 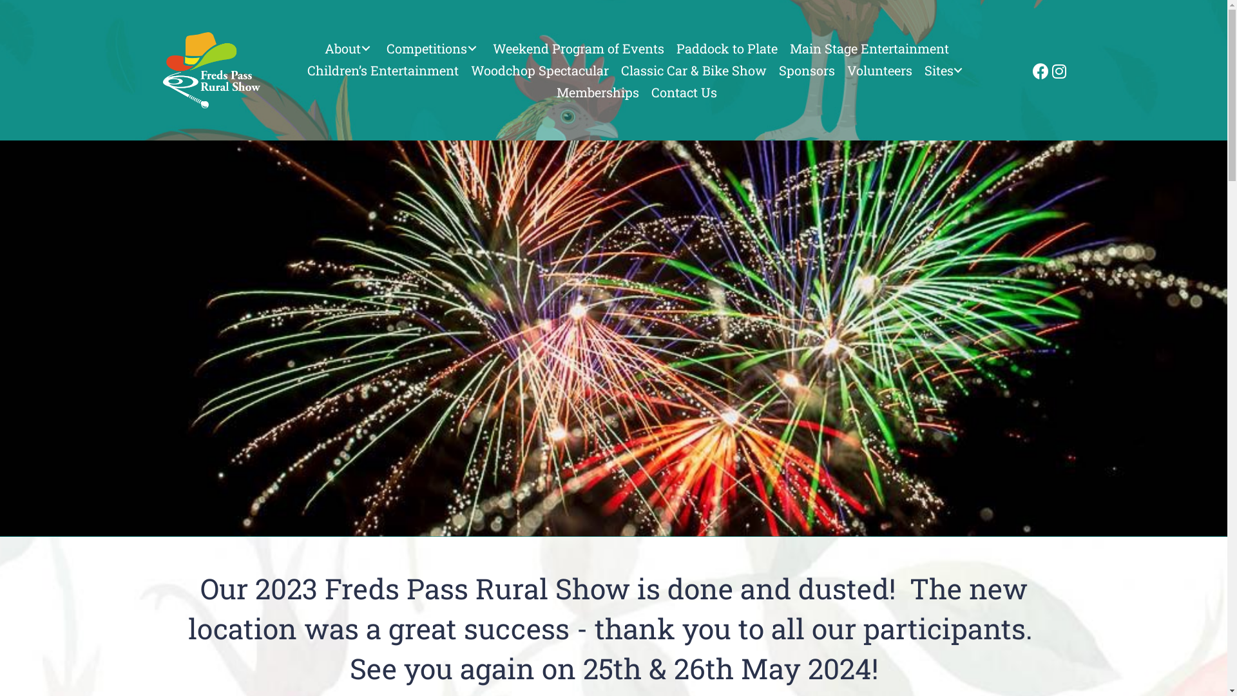 What do you see at coordinates (946, 70) in the screenshot?
I see `'Sites'` at bounding box center [946, 70].